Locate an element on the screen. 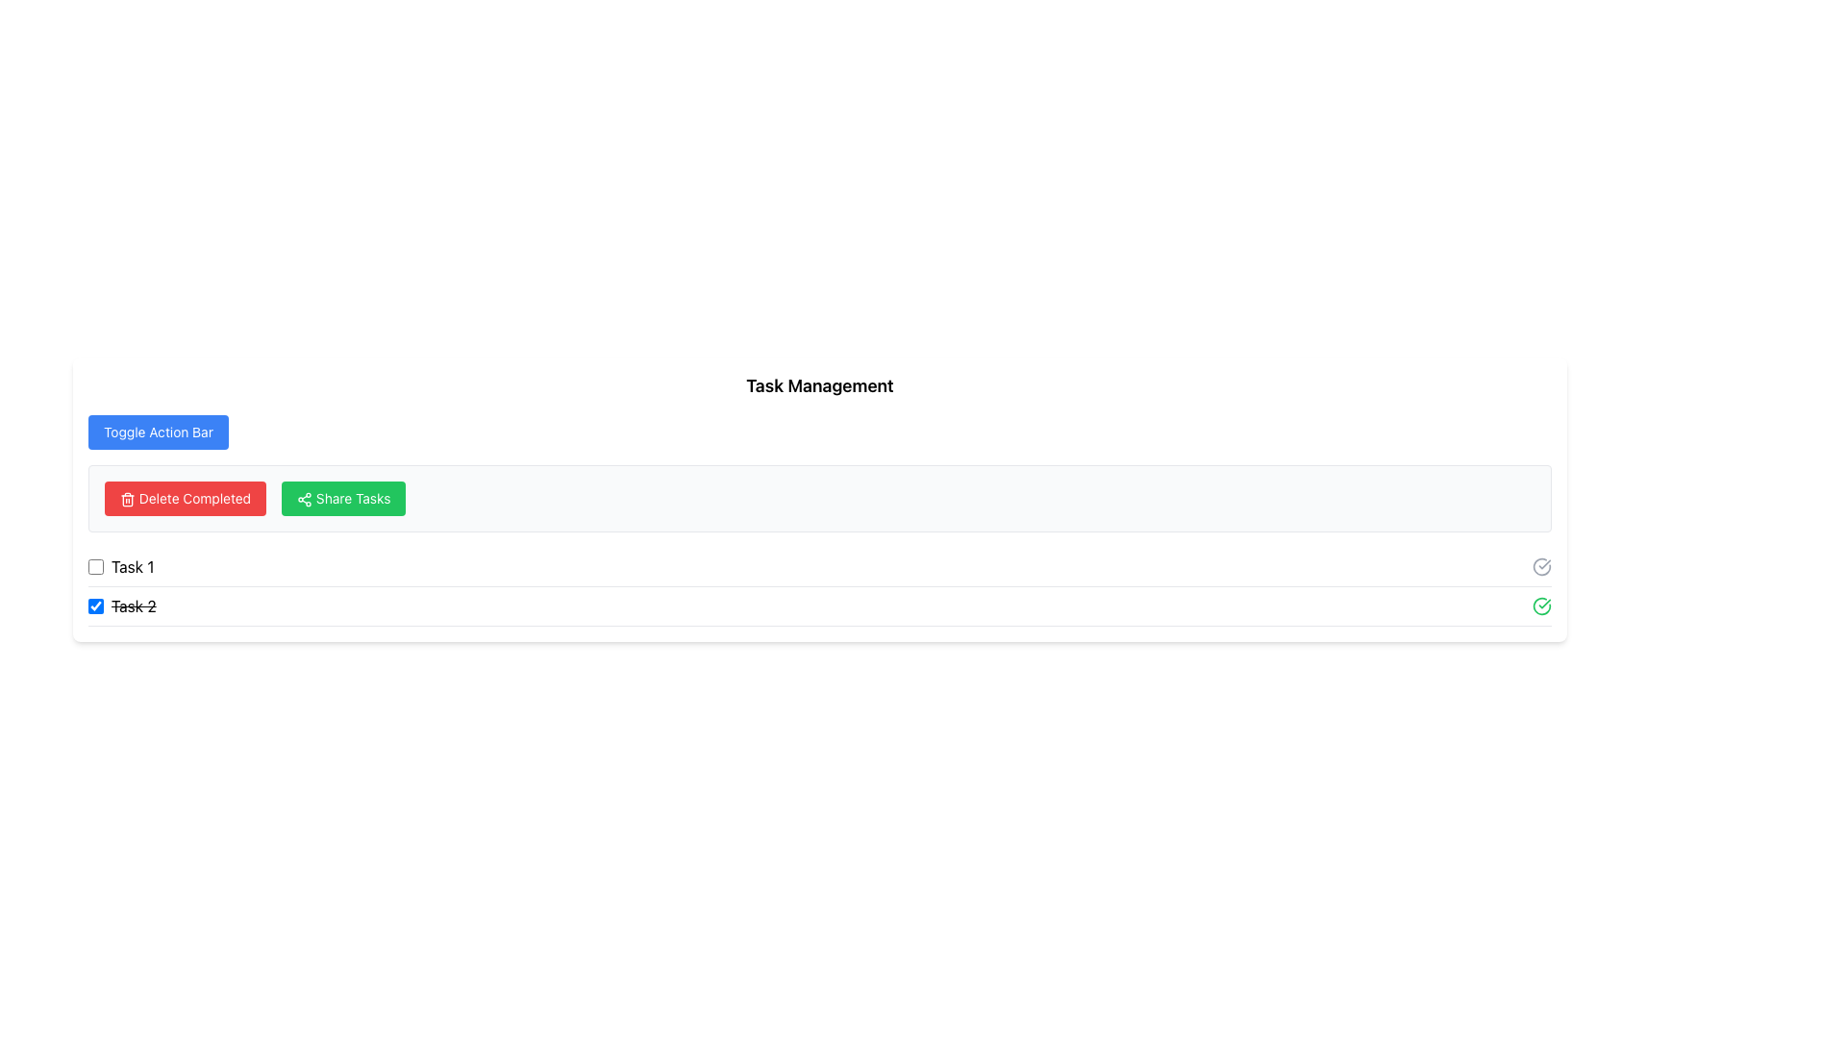  the strikethrough text label indicating a completed task in the task list is located at coordinates (133, 606).